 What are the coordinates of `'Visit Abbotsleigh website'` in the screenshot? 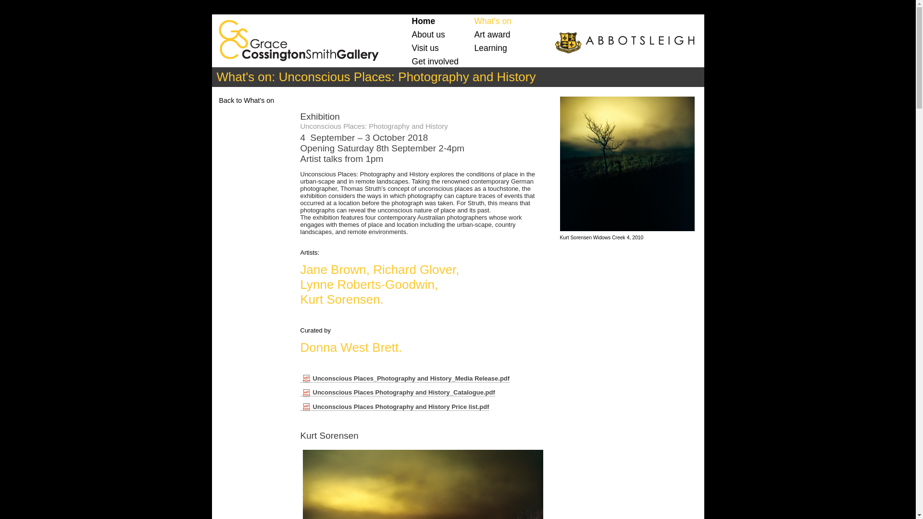 It's located at (624, 42).